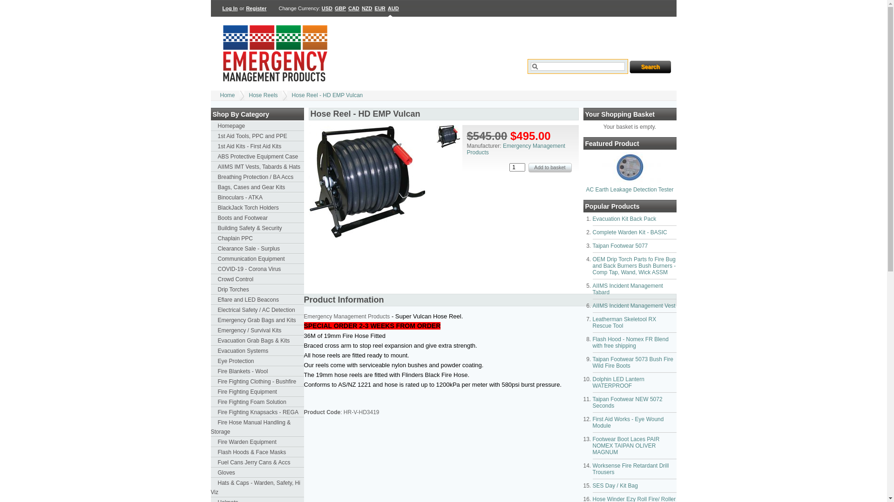 This screenshot has width=894, height=502. What do you see at coordinates (633, 306) in the screenshot?
I see `'AIIMS Incident Management Vest'` at bounding box center [633, 306].